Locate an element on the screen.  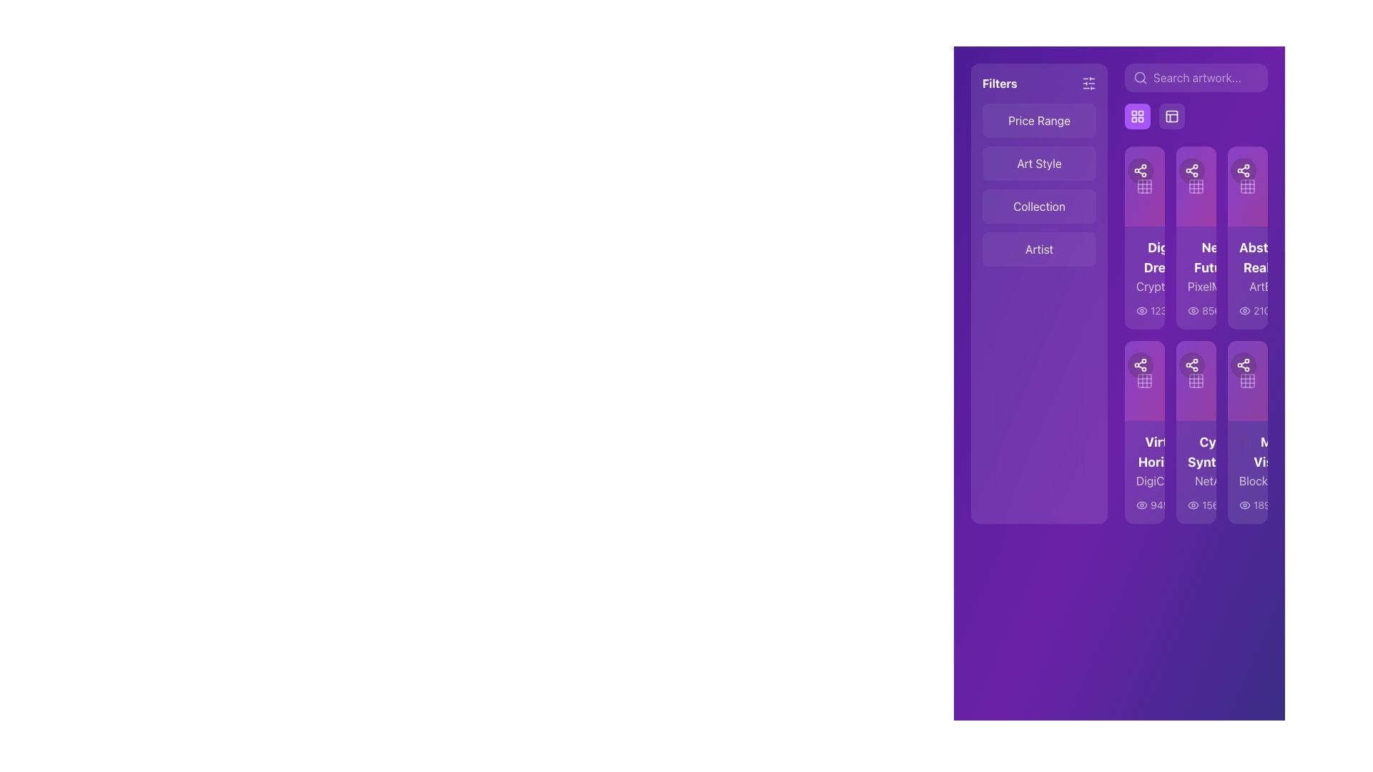
the label displaying the numerical count of likes or favorites, which is positioned to the right of a heart icon in a horizontal grouping is located at coordinates (1182, 504).